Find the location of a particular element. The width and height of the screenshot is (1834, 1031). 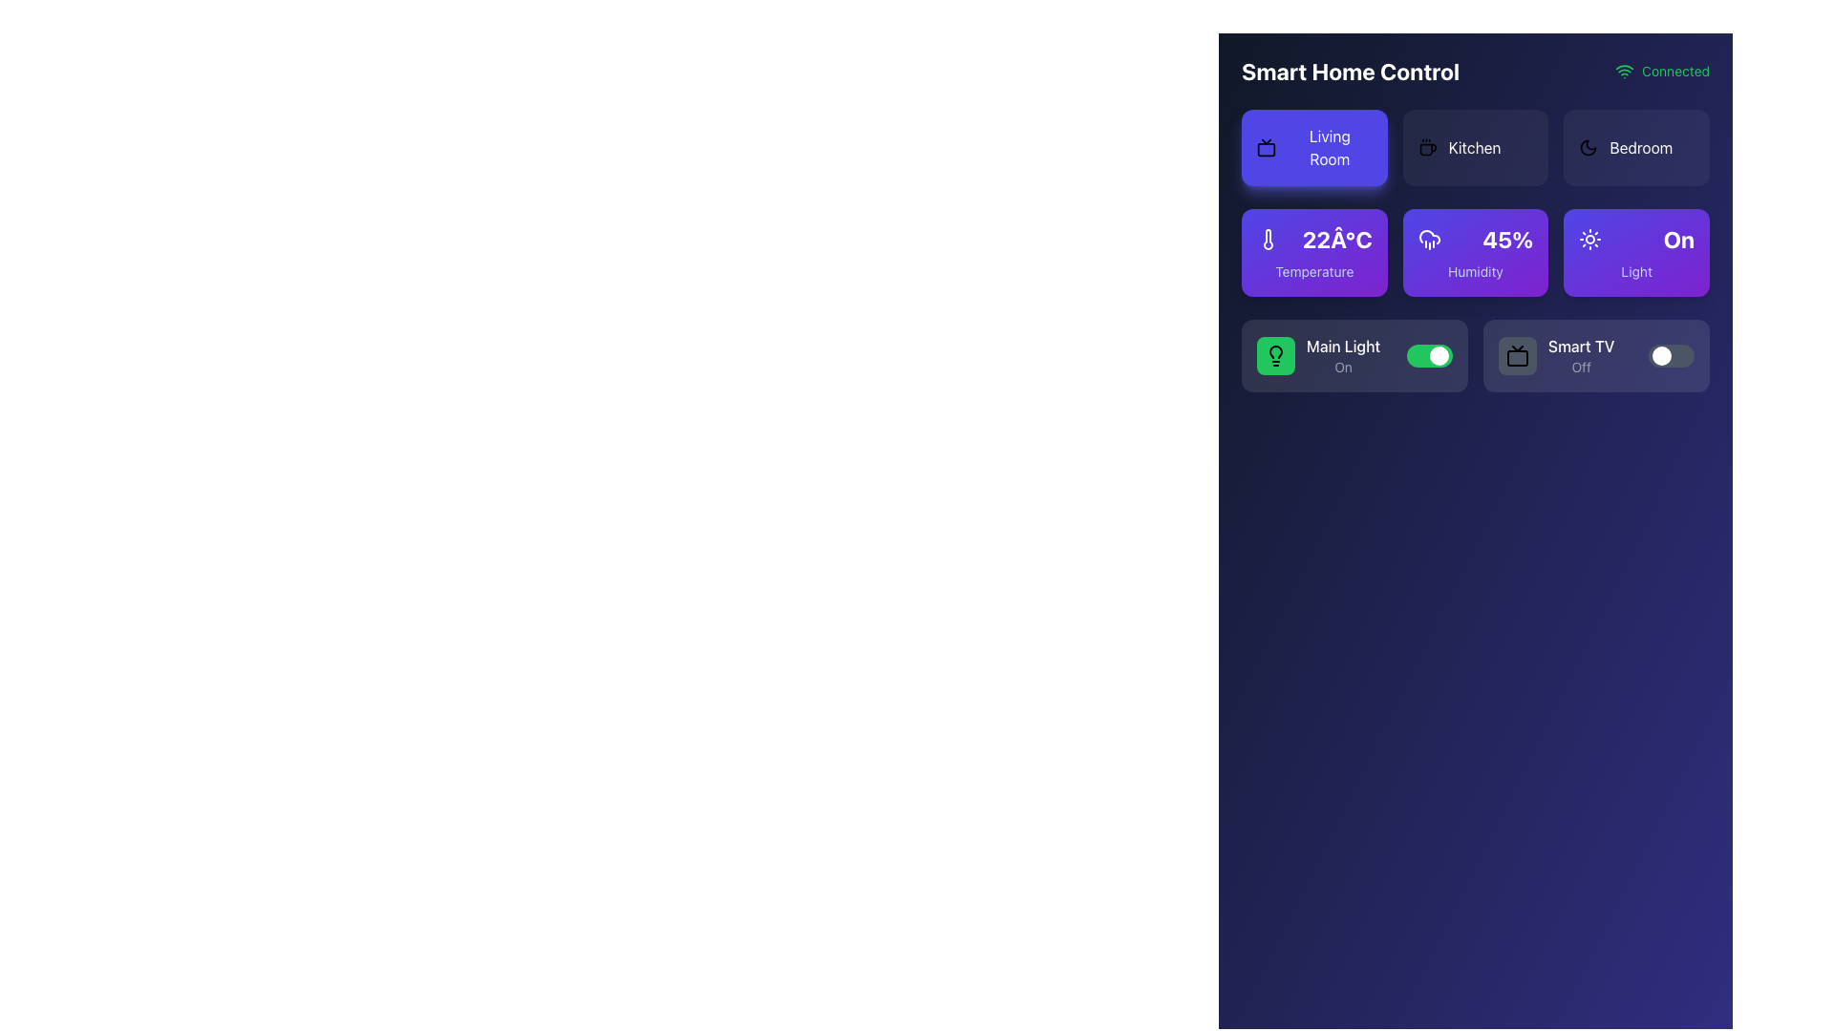

the 'Kitchen' button, which is a rectangular button with rounded corners and a coffee cup icon is located at coordinates (1475, 146).